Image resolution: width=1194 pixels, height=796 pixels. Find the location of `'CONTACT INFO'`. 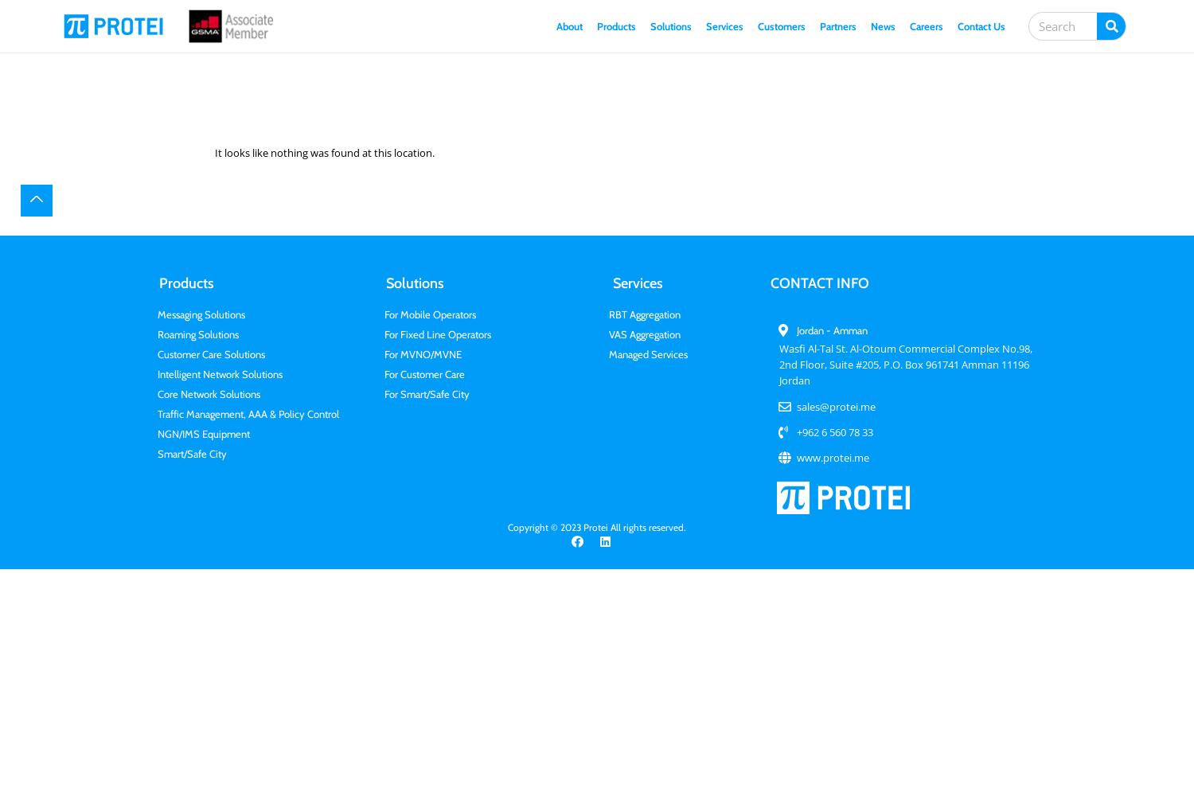

'CONTACT INFO' is located at coordinates (820, 283).